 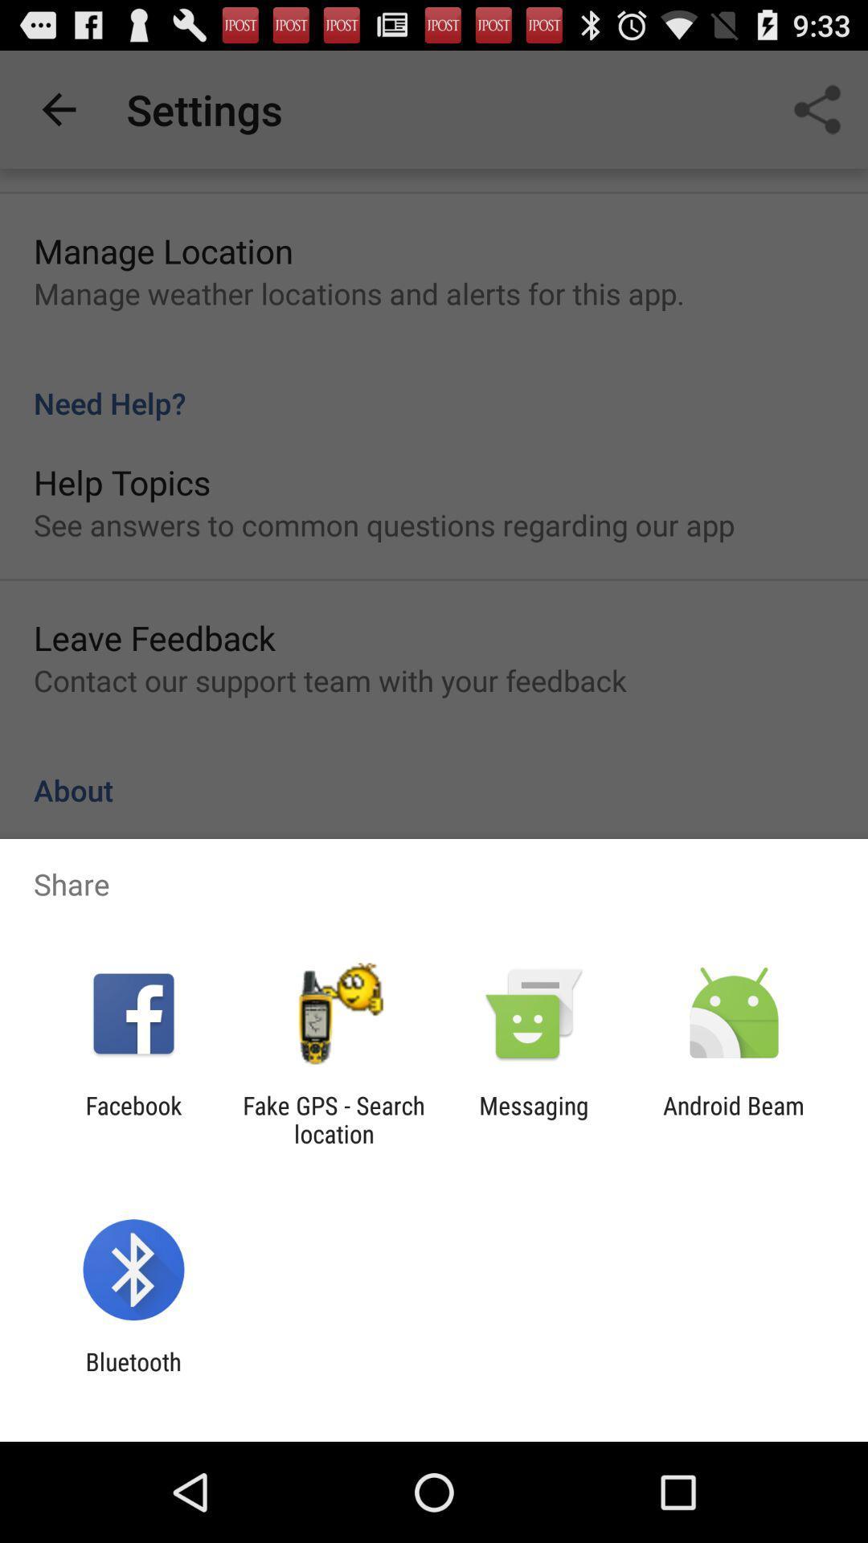 I want to click on icon next to the fake gps search, so click(x=133, y=1119).